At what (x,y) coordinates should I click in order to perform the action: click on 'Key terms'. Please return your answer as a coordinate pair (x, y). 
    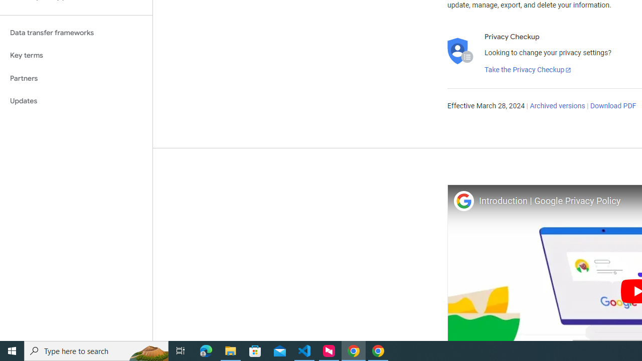
    Looking at the image, I should click on (76, 55).